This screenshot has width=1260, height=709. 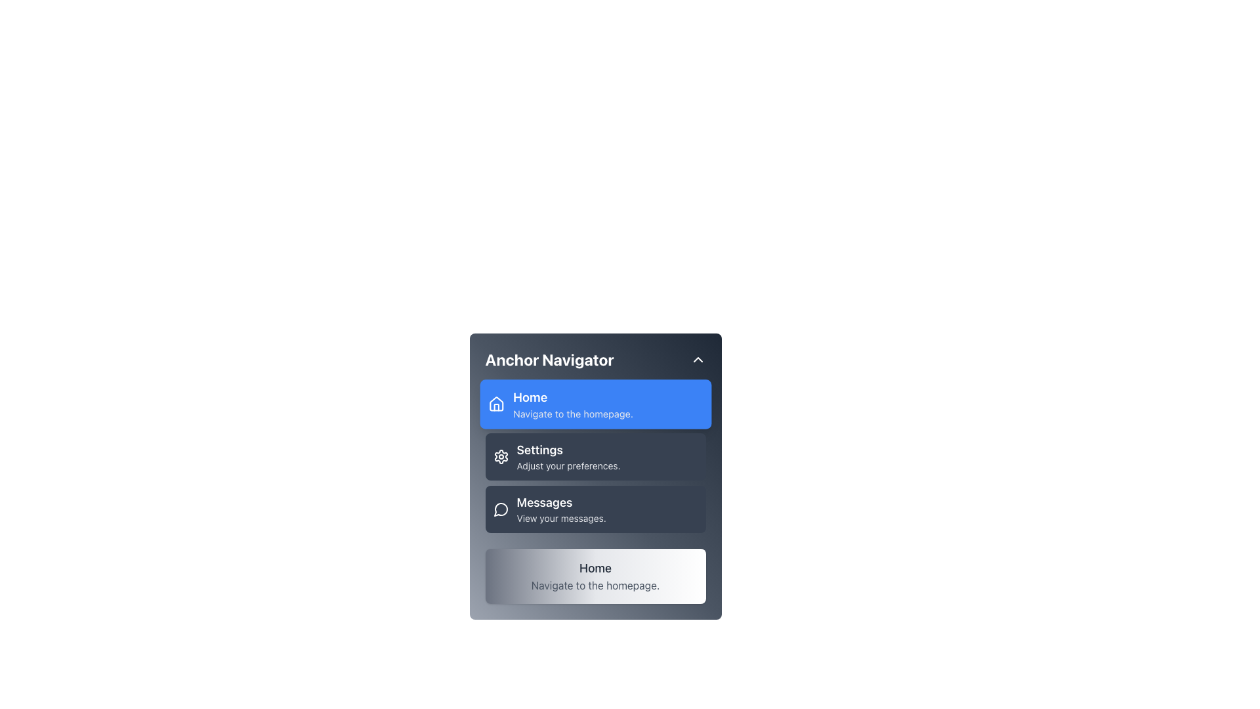 What do you see at coordinates (568, 456) in the screenshot?
I see `the 'Settings' text block in the sidebar navigation, which features a bold title and a lighter subtitle, positioned between 'Home' and 'Messages'` at bounding box center [568, 456].